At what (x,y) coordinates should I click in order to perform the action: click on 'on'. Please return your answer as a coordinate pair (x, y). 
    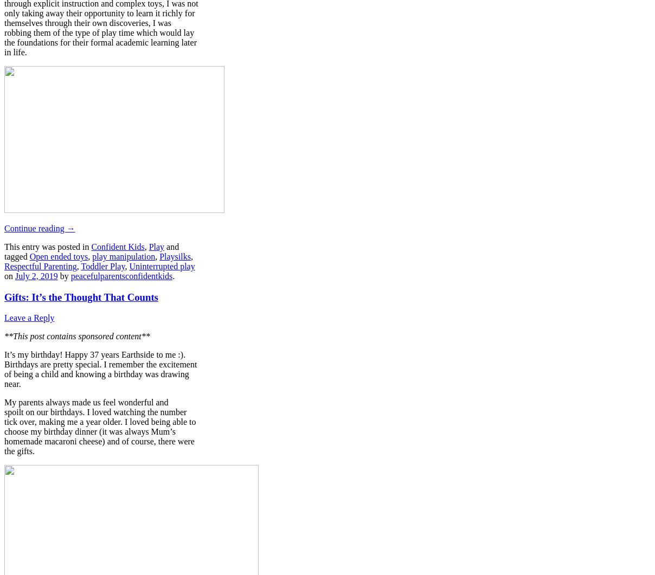
    Looking at the image, I should click on (9, 275).